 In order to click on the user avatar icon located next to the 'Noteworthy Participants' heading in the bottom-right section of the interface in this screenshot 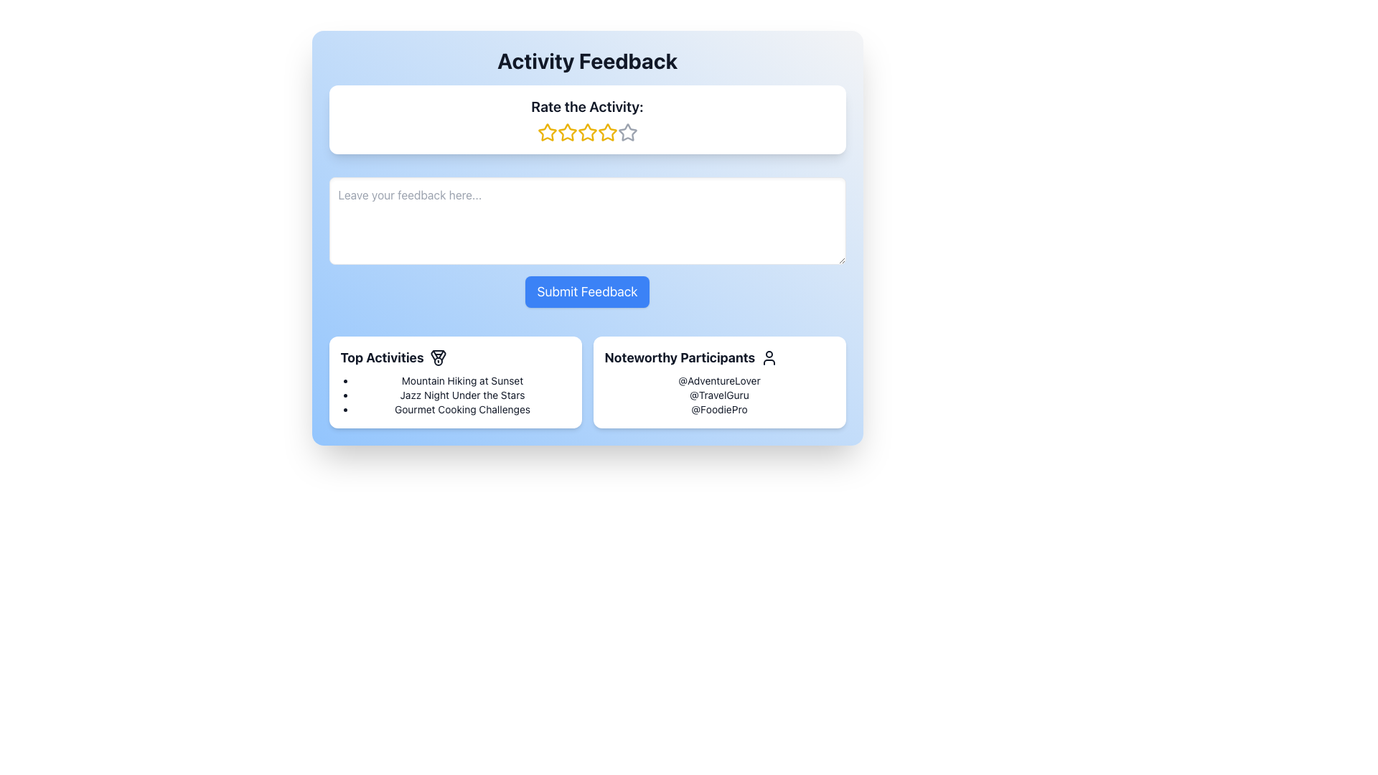, I will do `click(769, 357)`.